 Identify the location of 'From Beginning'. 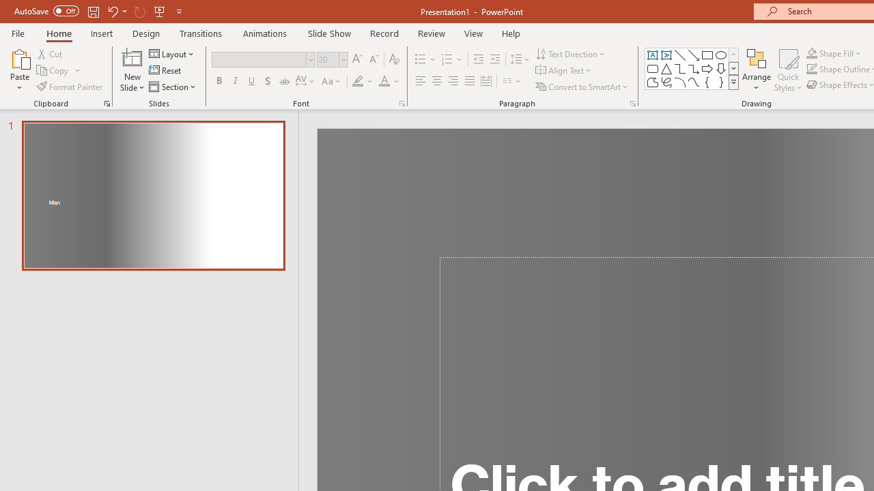
(160, 11).